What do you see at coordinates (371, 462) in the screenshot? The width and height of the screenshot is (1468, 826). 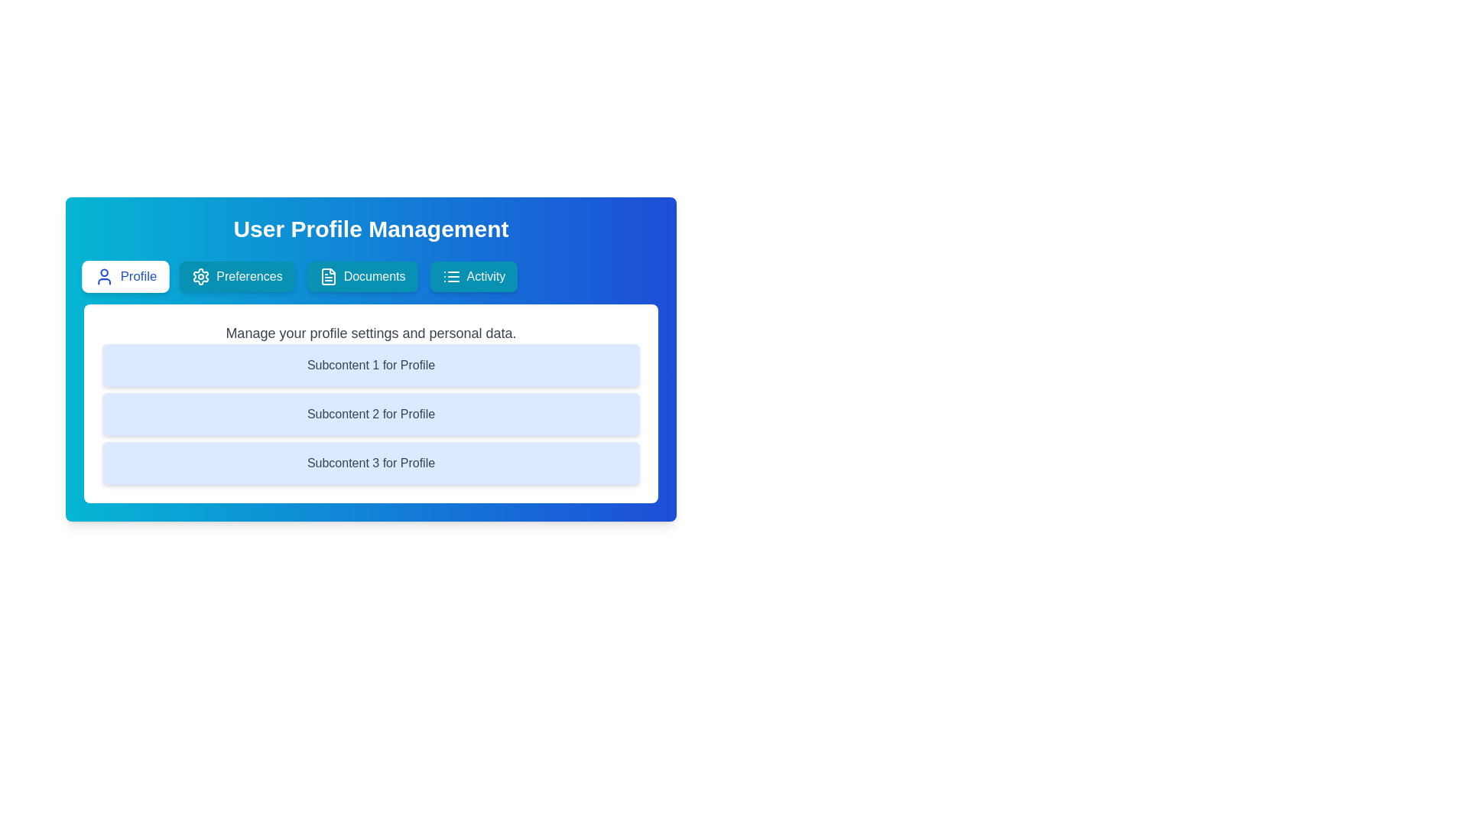 I see `the rectangular content block with a light blue background containing the text 'Subcontent 3 for Profile'` at bounding box center [371, 462].